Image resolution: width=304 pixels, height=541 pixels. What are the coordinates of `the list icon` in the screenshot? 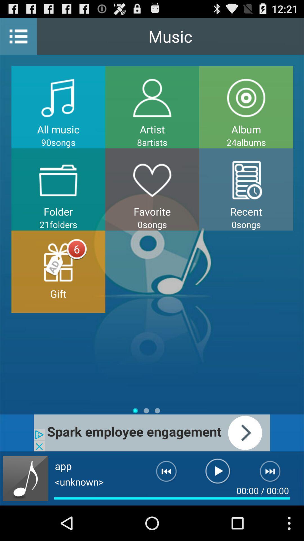 It's located at (18, 38).